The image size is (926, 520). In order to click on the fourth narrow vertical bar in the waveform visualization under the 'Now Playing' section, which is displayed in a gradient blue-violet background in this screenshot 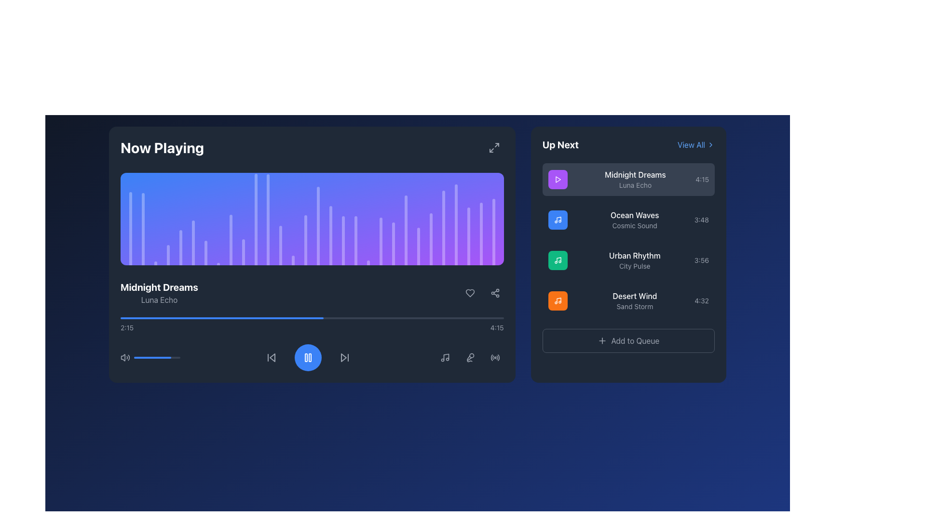, I will do `click(168, 254)`.